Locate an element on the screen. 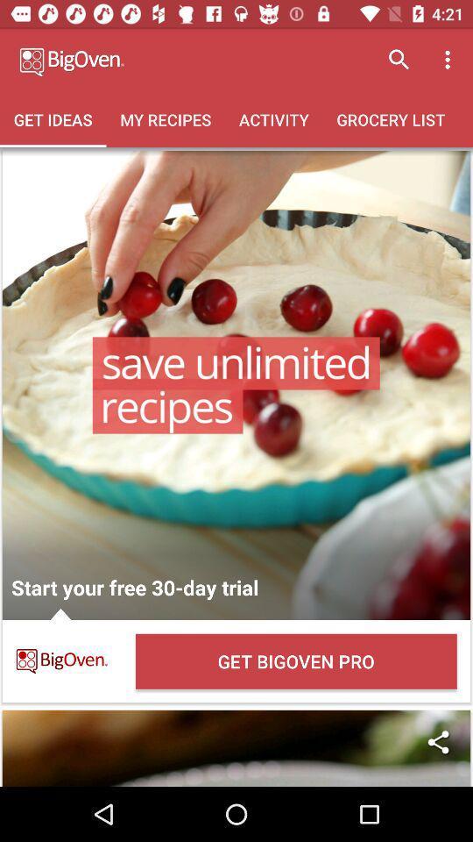 This screenshot has height=842, width=473. icon above the grocery list icon is located at coordinates (449, 60).